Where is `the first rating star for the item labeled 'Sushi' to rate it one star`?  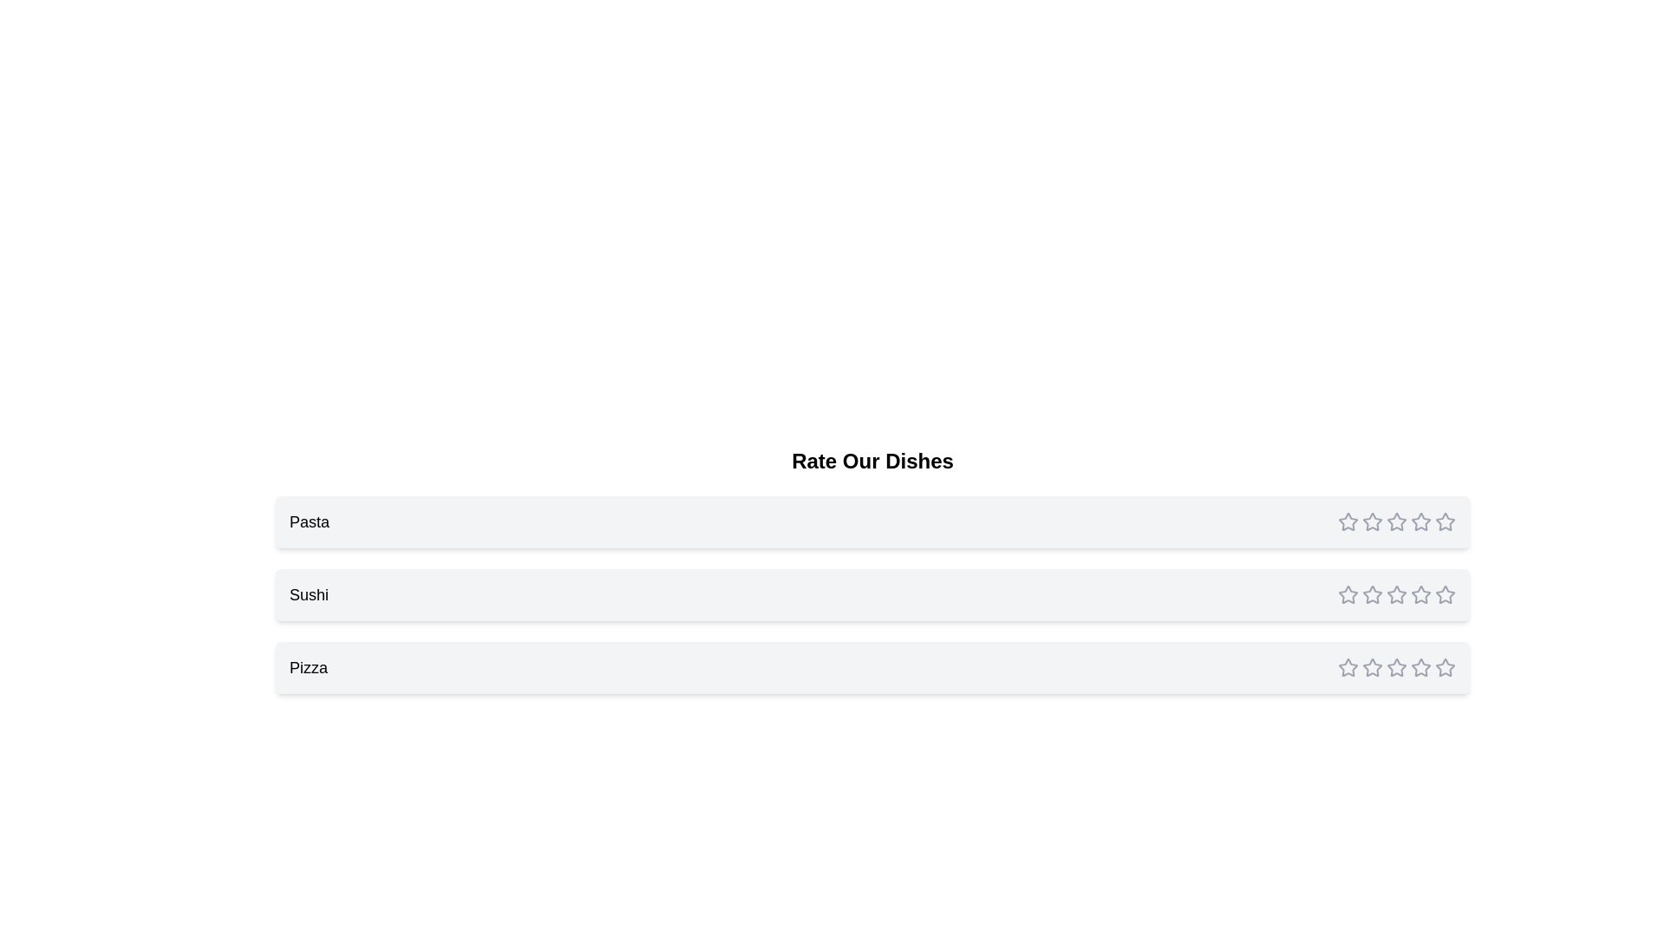 the first rating star for the item labeled 'Sushi' to rate it one star is located at coordinates (1348, 594).